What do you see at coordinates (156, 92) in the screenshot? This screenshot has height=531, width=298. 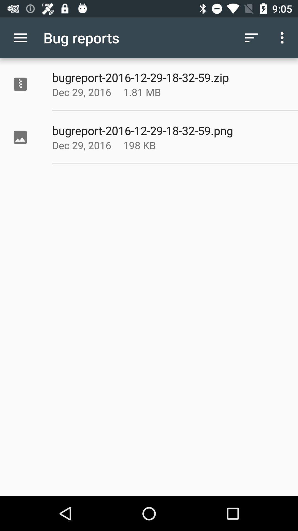 I see `1.81 mb item` at bounding box center [156, 92].